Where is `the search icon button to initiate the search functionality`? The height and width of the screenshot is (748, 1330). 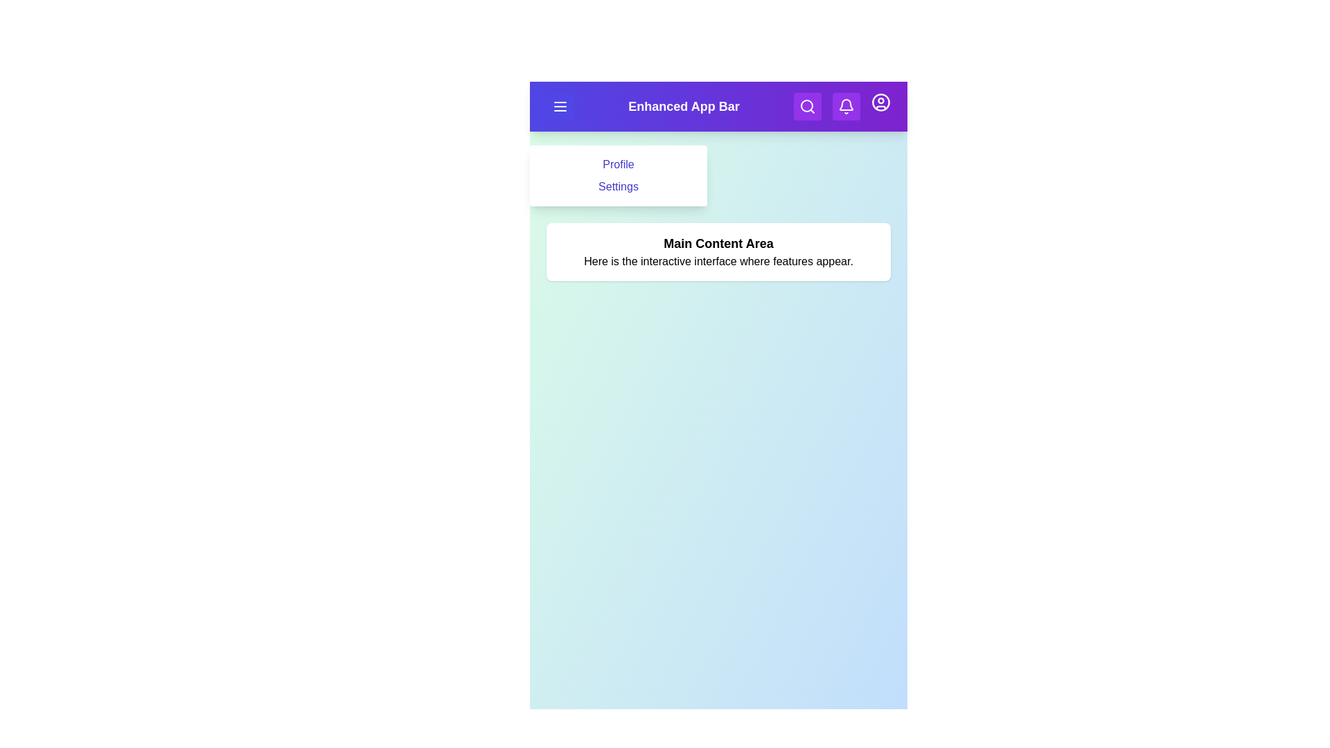
the search icon button to initiate the search functionality is located at coordinates (808, 106).